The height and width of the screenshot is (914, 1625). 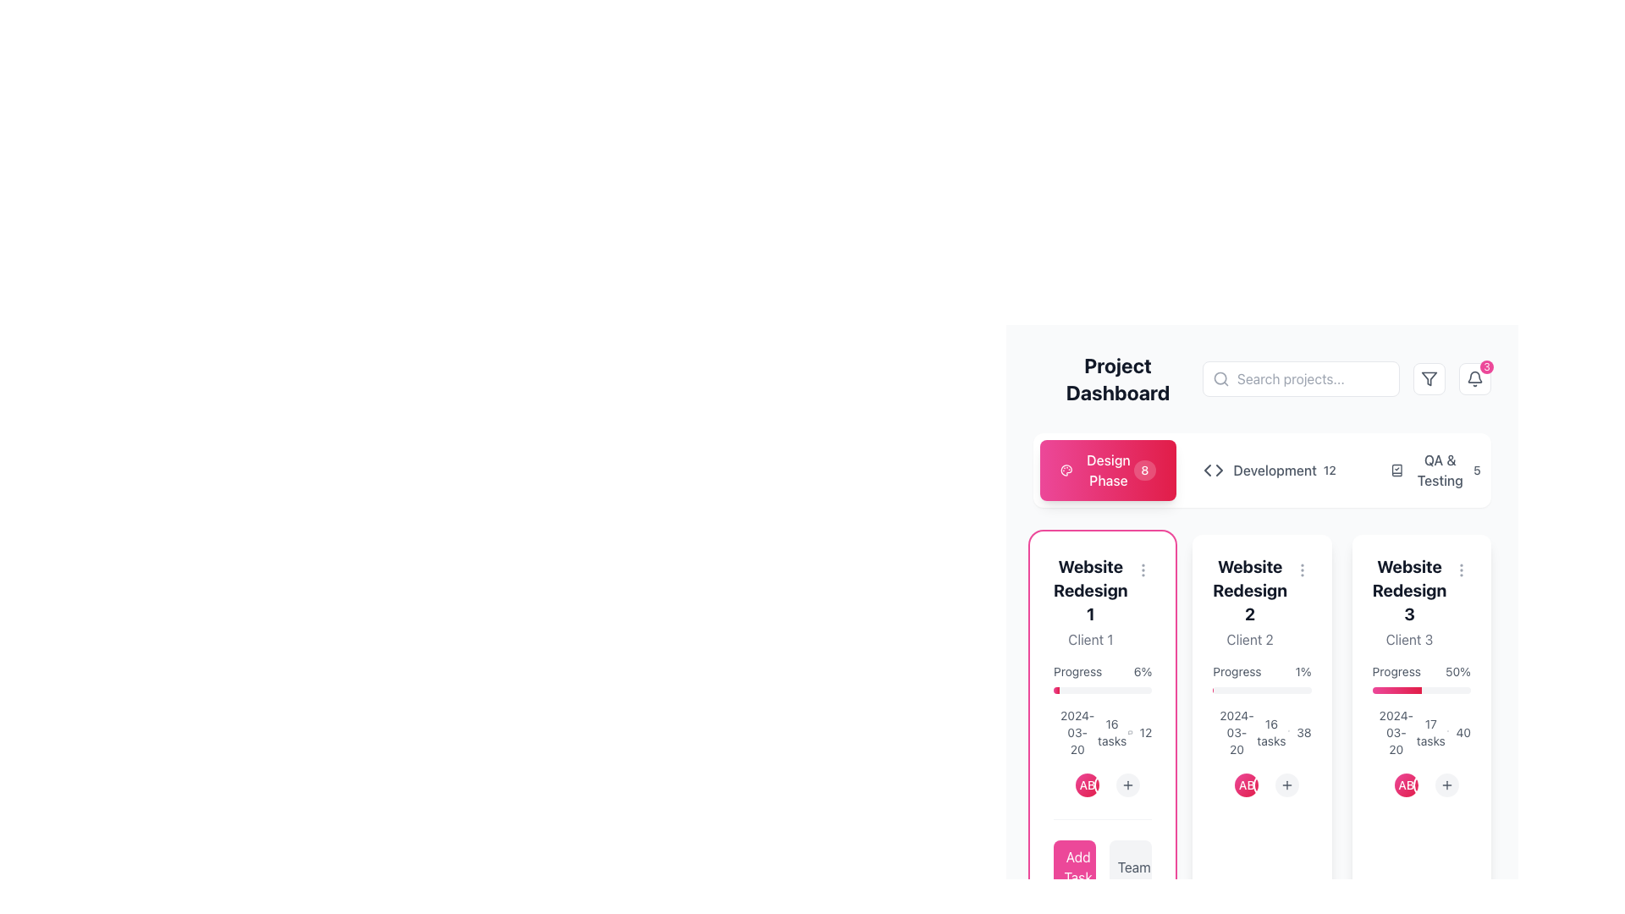 I want to click on the interactive button that adds a new action or item in the 'Website Redesign 3' section, so click(x=1446, y=785).